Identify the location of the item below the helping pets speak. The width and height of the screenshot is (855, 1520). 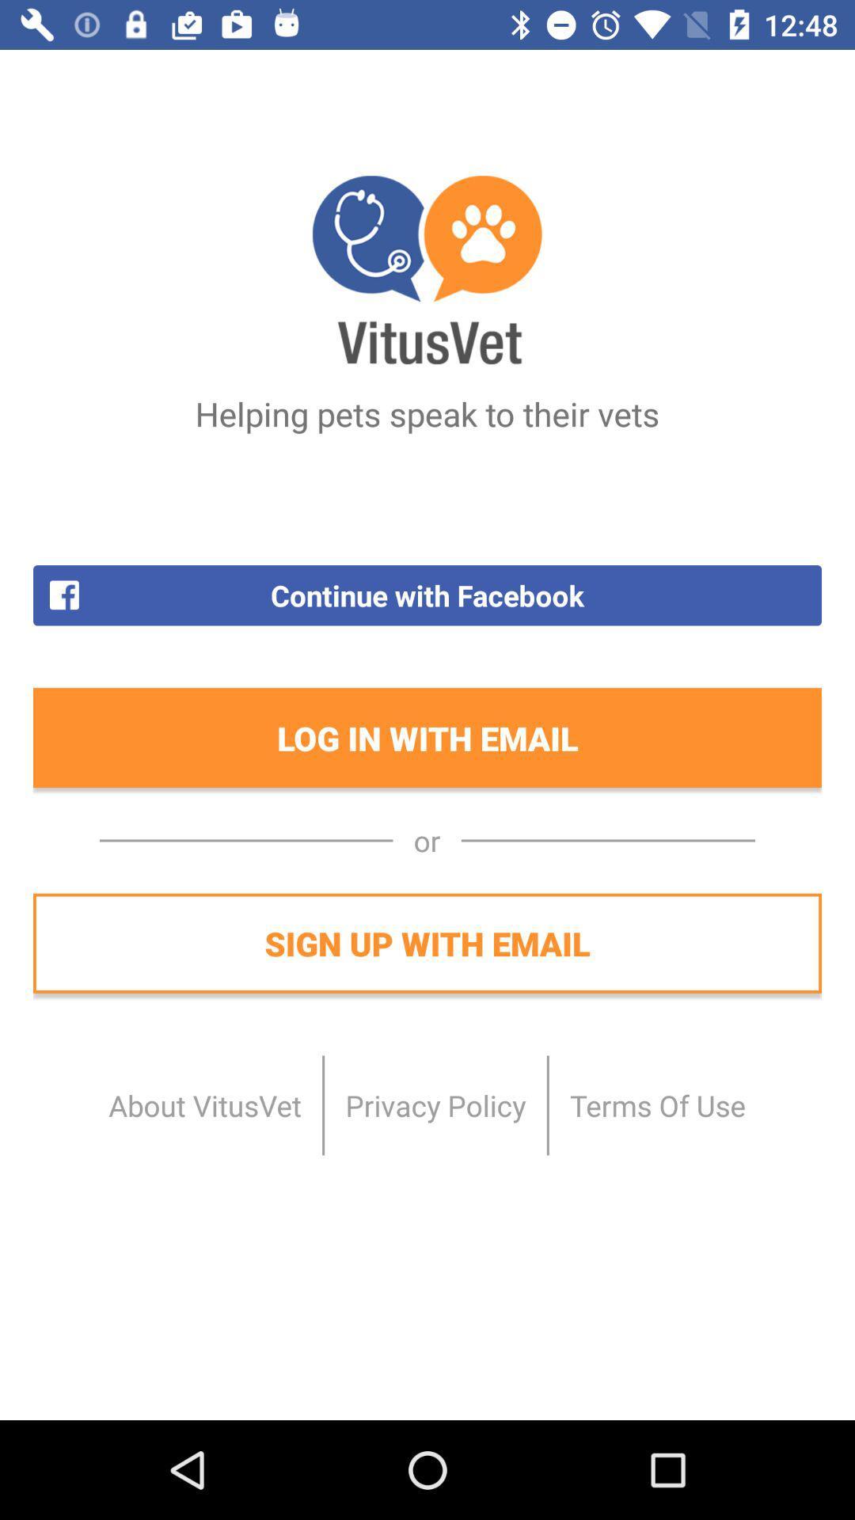
(427, 595).